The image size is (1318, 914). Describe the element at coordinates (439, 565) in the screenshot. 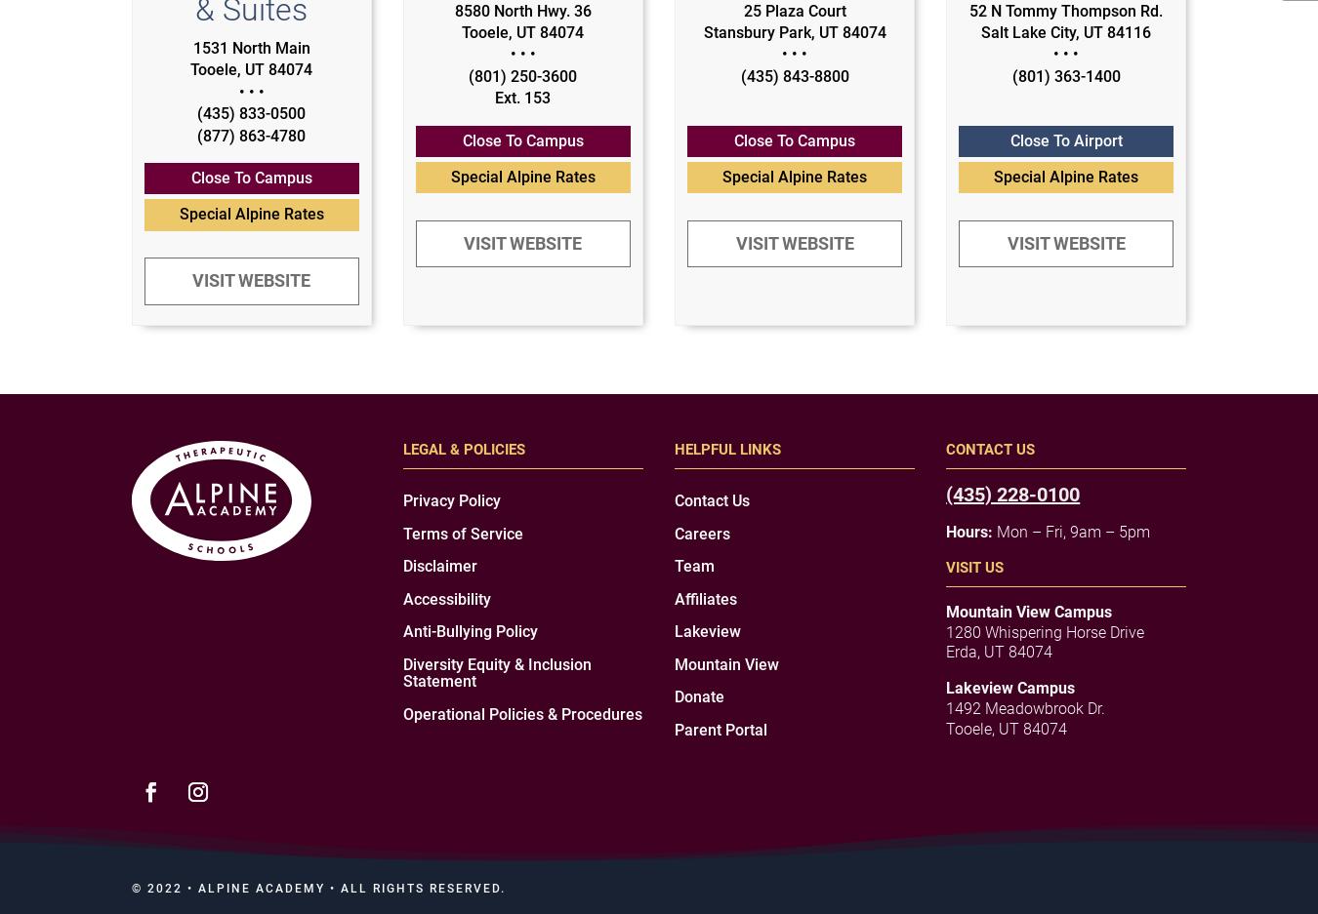

I see `'Disclaimer'` at that location.